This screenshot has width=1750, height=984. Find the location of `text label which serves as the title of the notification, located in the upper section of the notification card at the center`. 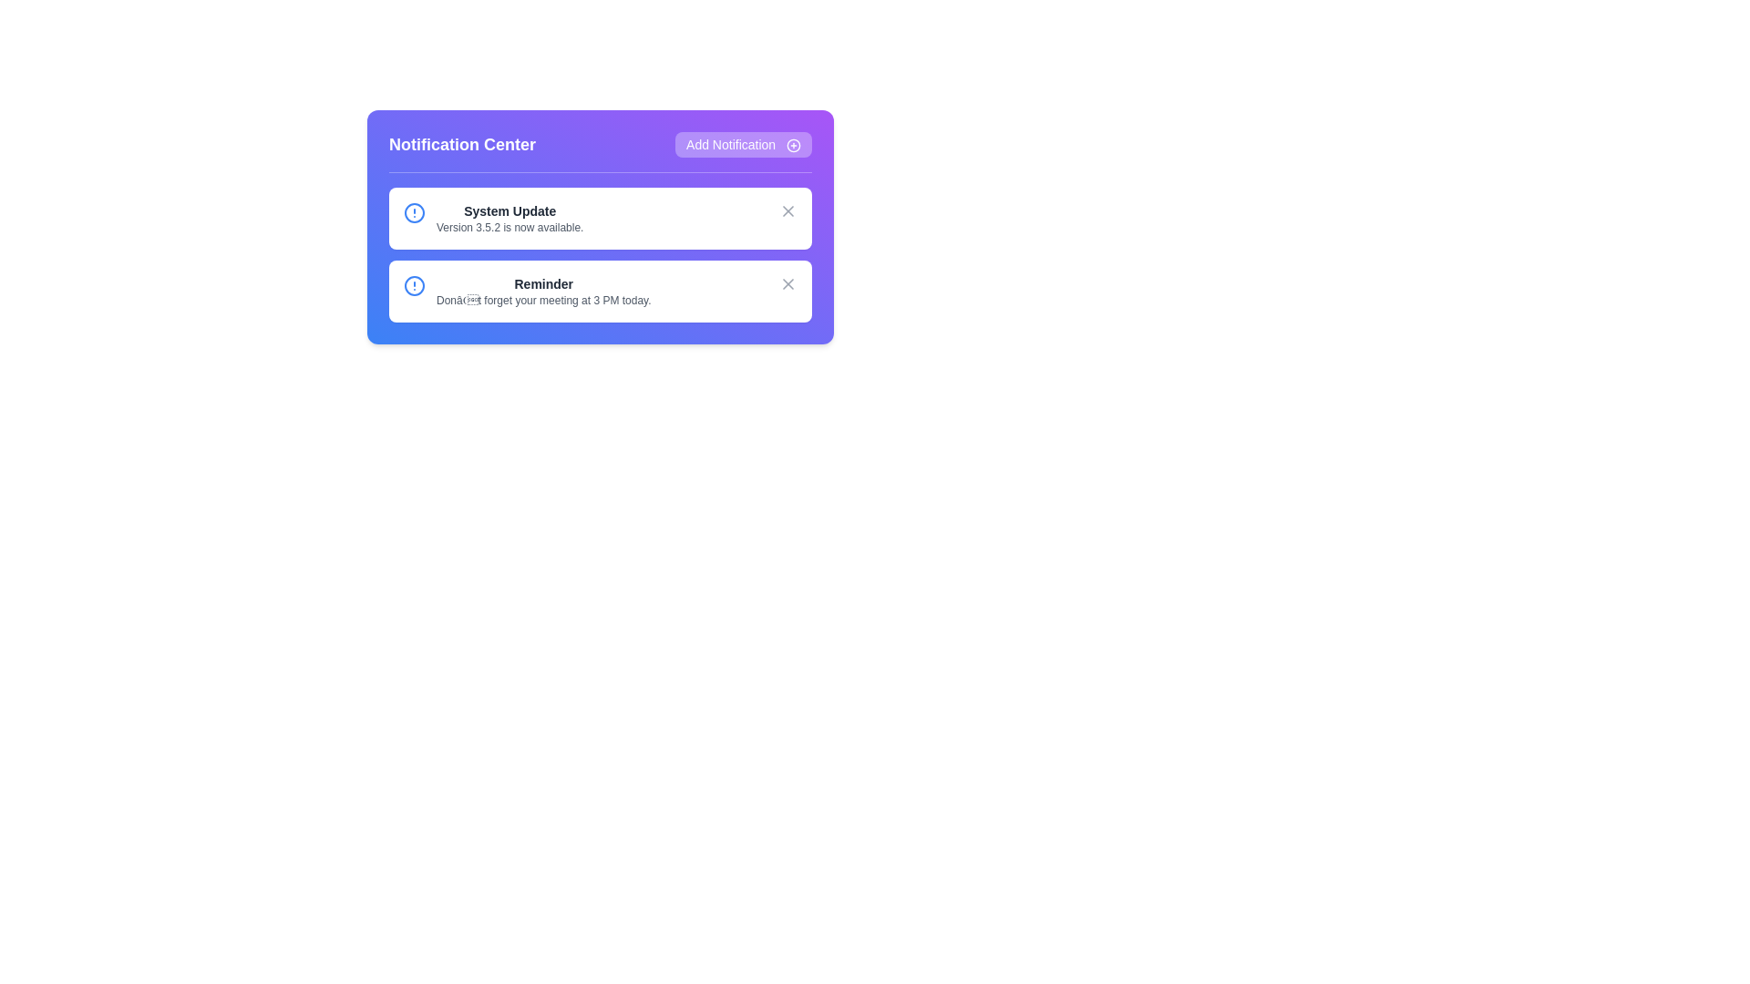

text label which serves as the title of the notification, located in the upper section of the notification card at the center is located at coordinates (510, 210).